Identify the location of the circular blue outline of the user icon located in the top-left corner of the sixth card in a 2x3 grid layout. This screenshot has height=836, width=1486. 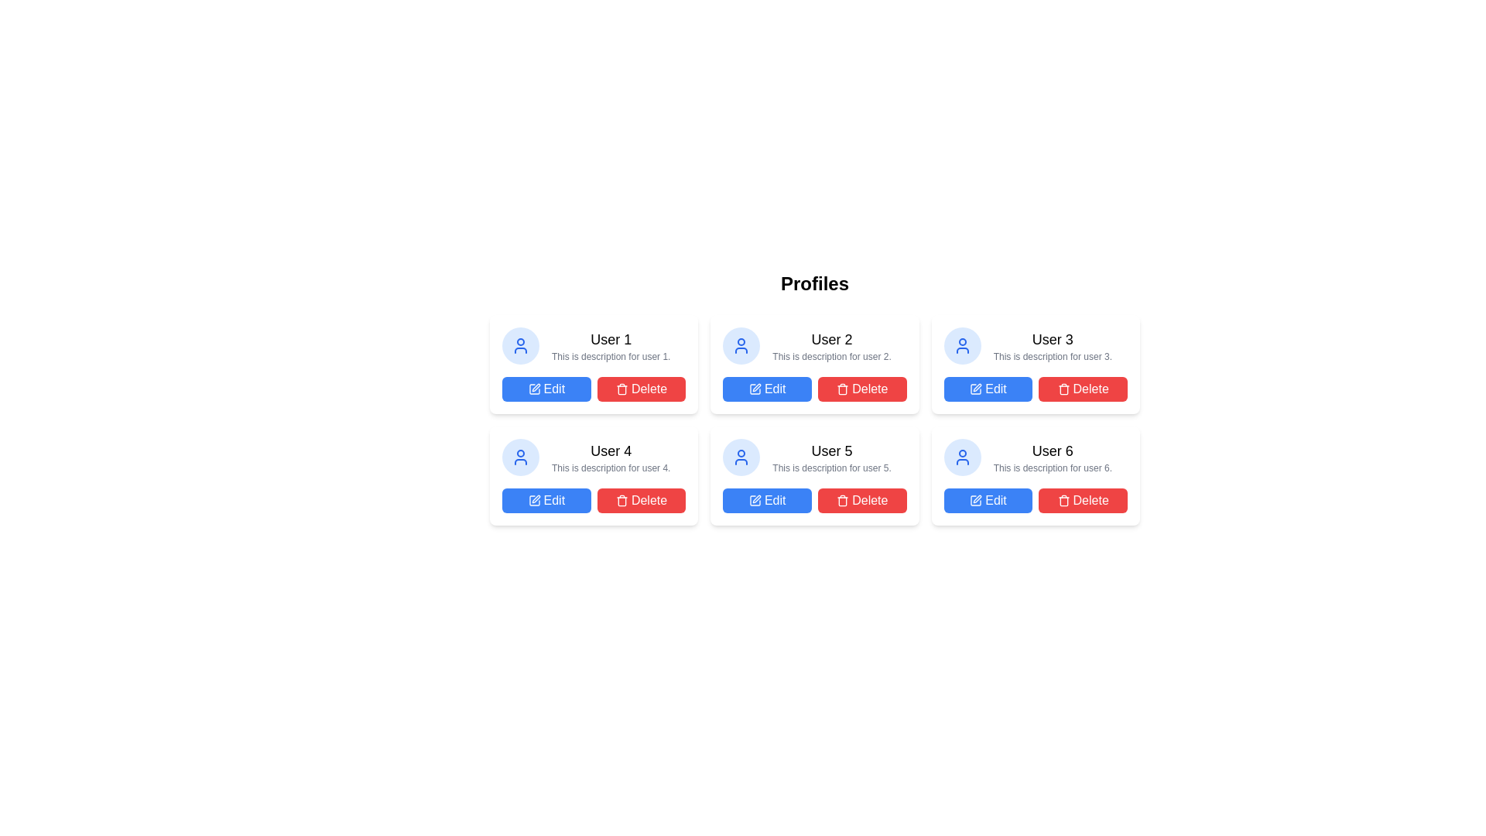
(961, 456).